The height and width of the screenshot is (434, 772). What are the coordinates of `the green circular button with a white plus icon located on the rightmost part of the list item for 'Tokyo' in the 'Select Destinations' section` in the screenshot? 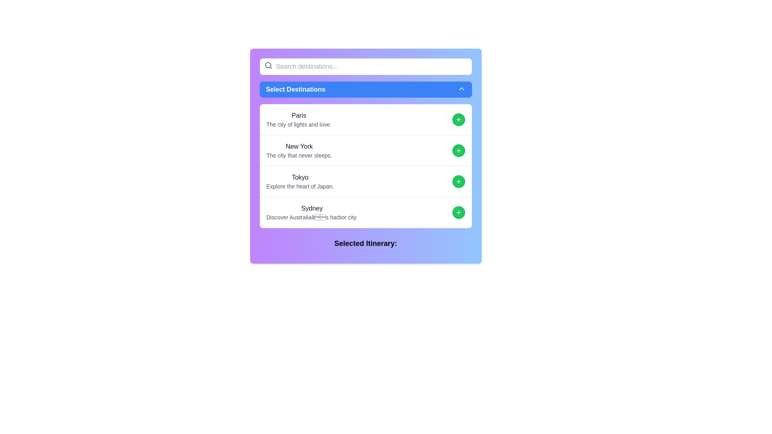 It's located at (458, 181).